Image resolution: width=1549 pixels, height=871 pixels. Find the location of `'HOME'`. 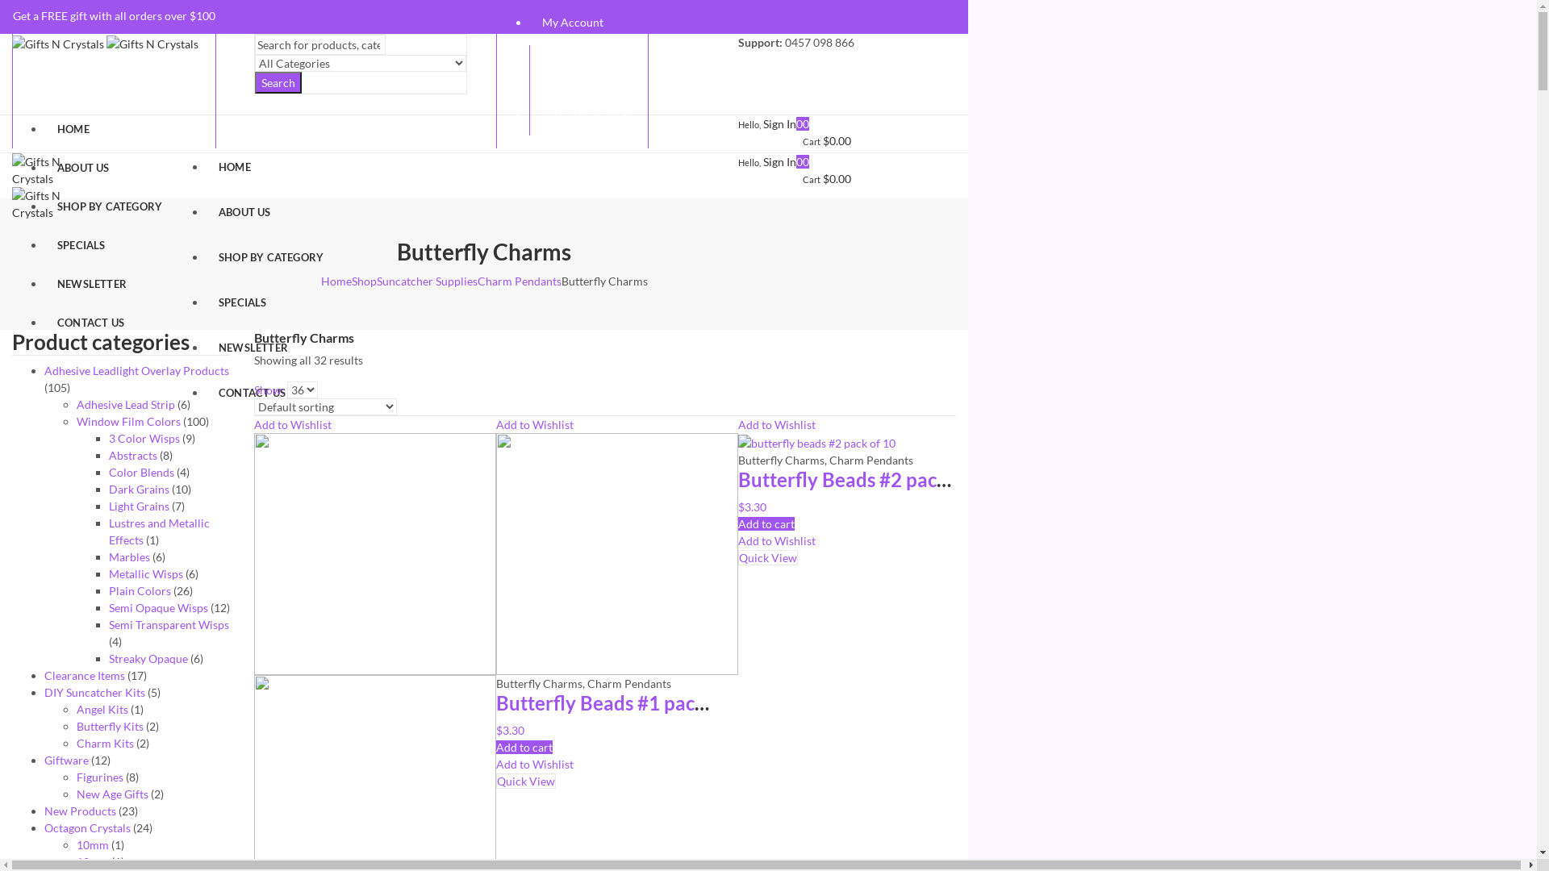

'HOME' is located at coordinates (271, 176).